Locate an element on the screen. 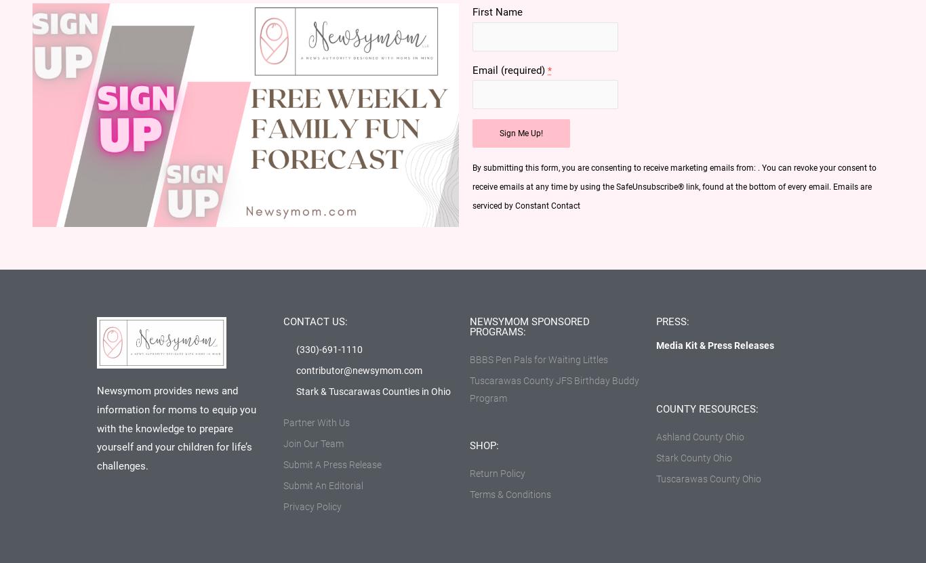 This screenshot has width=926, height=563. 'First Name' is located at coordinates (497, 12).